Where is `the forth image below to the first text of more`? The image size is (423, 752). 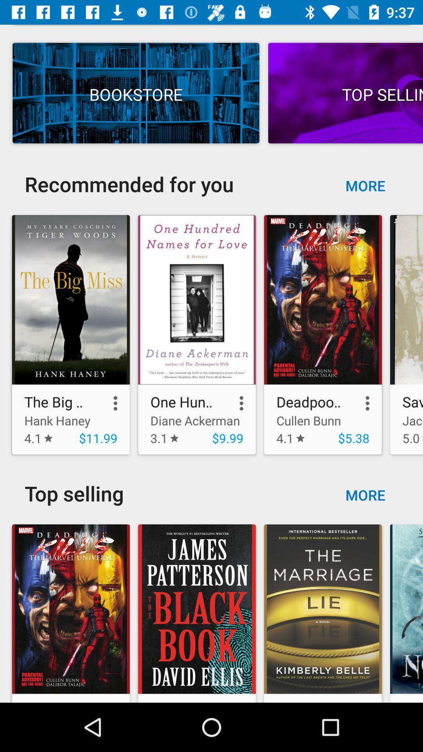 the forth image below to the first text of more is located at coordinates (405, 334).